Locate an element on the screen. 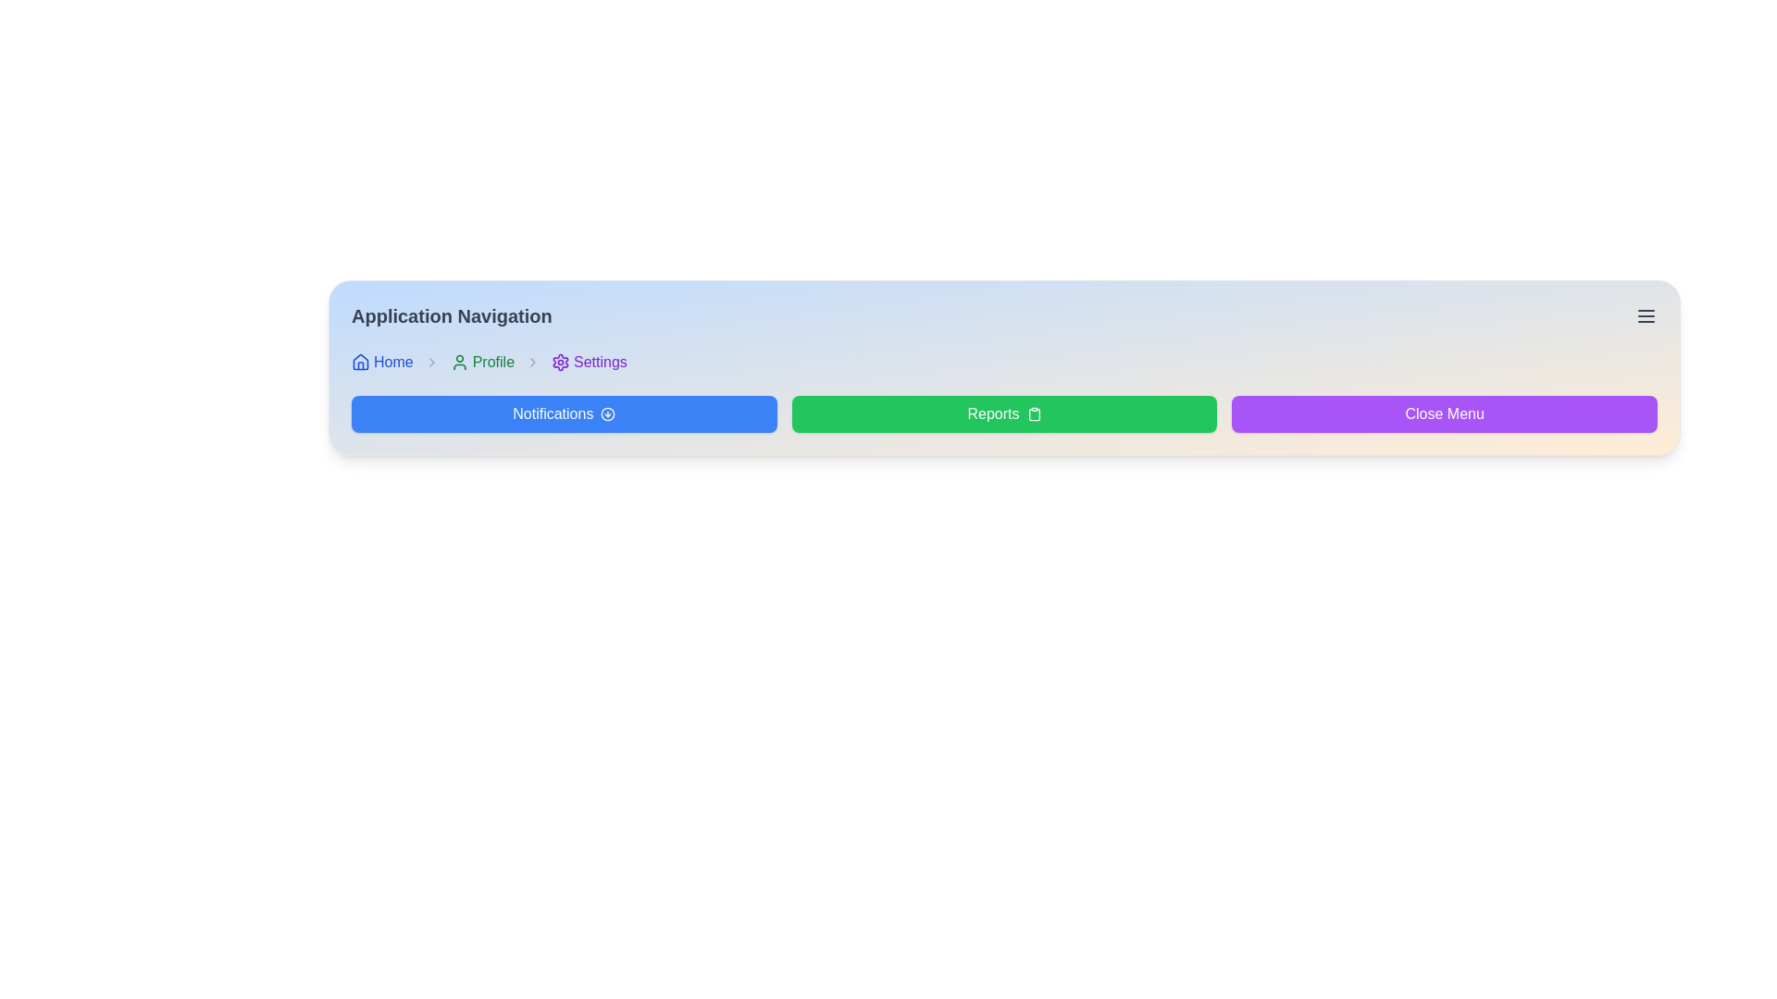 The width and height of the screenshot is (1777, 999). the 'Home' hyperlink with a house icon located in the top-left corner of the navigation bar is located at coordinates (381, 363).